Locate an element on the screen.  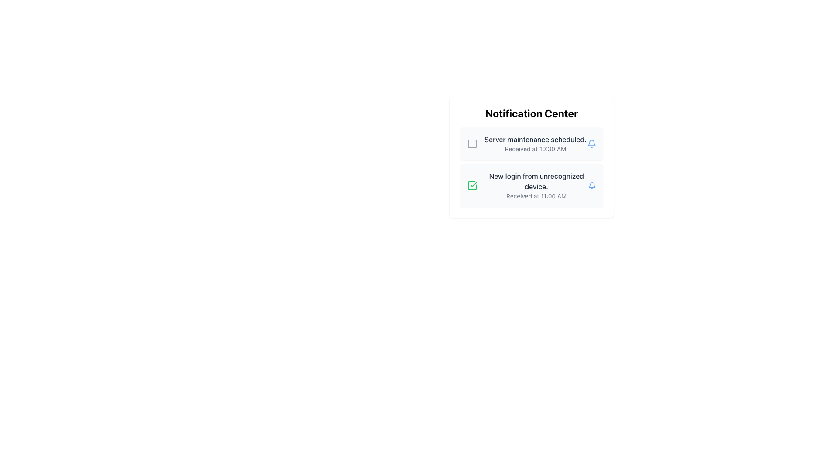
the checkbox or status indicator located in the notification card under the 'Notification Center' title, to the left of the text 'Server maintenance scheduled.' is located at coordinates (471, 143).